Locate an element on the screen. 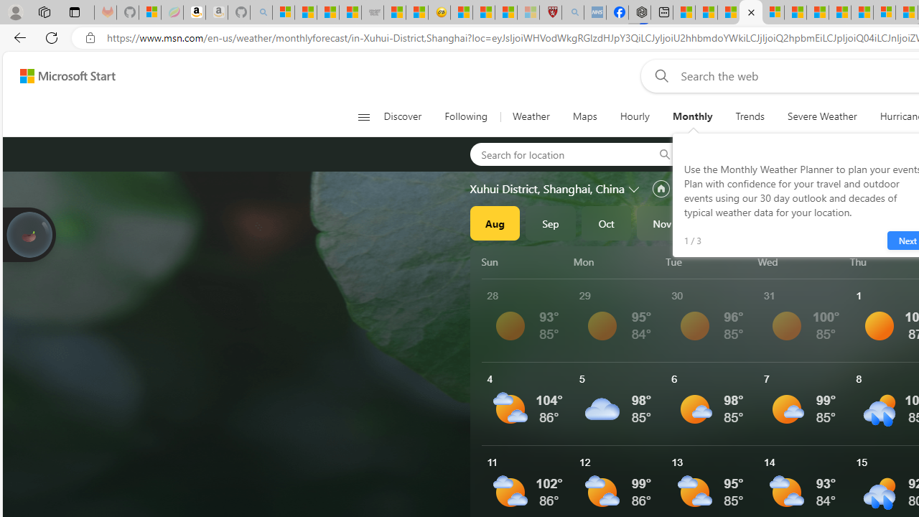  'Set as primary location' is located at coordinates (660, 188).